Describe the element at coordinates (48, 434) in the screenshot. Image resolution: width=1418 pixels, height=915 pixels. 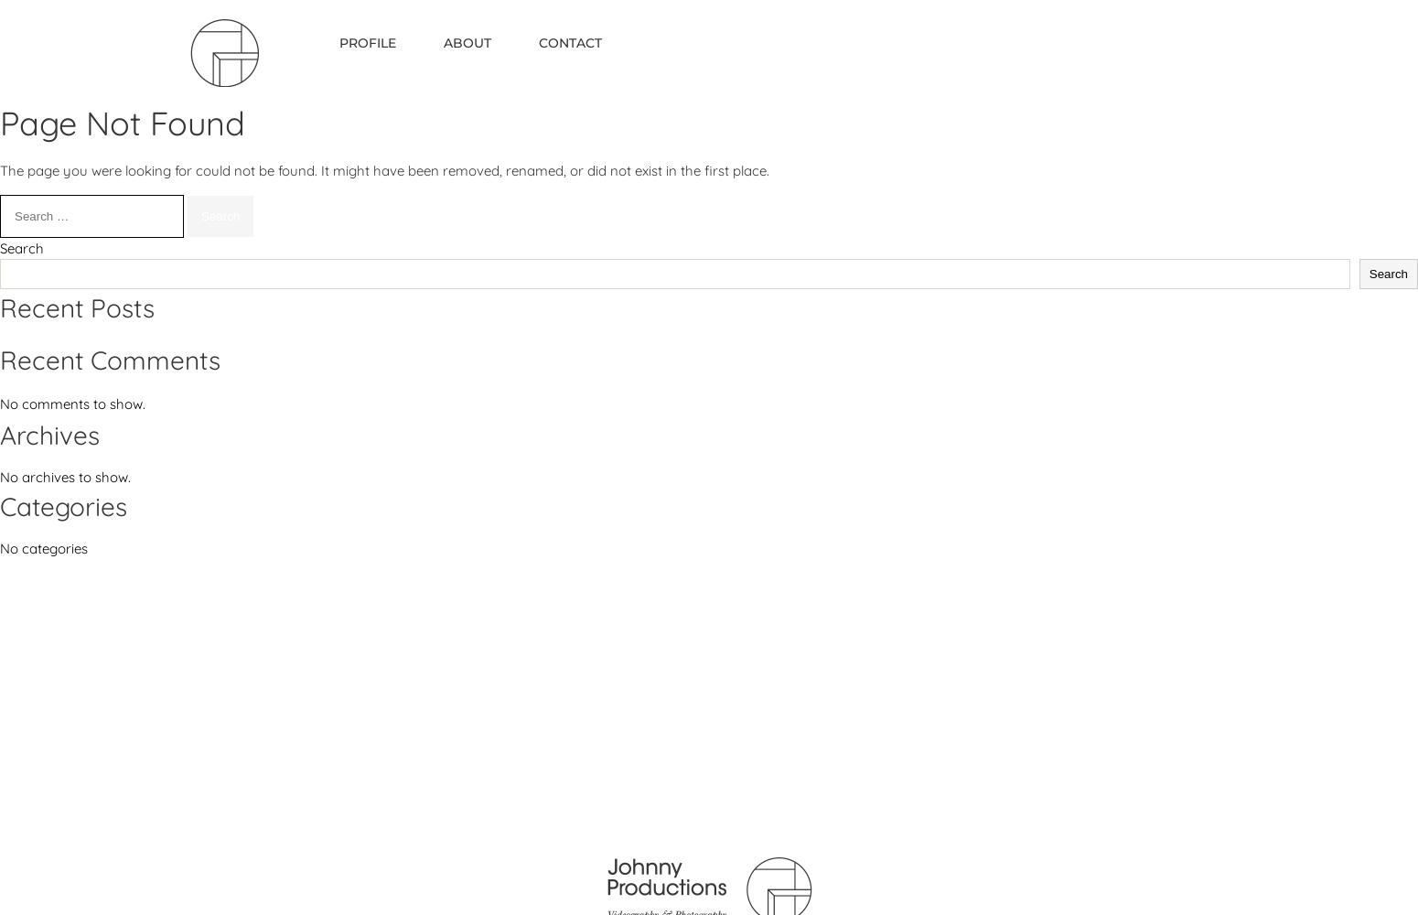
I see `'Archives'` at that location.